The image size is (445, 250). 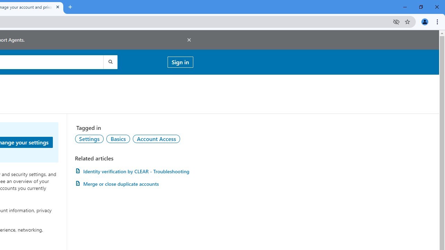 What do you see at coordinates (156, 139) in the screenshot?
I see `'Account Access'` at bounding box center [156, 139].